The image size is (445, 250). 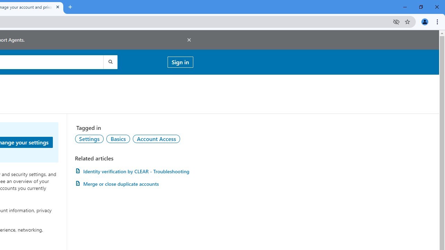 What do you see at coordinates (156, 139) in the screenshot?
I see `'Account Access'` at bounding box center [156, 139].